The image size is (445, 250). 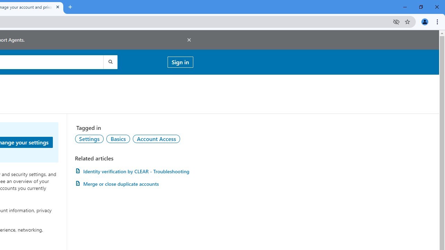 What do you see at coordinates (156, 139) in the screenshot?
I see `'Account Access'` at bounding box center [156, 139].